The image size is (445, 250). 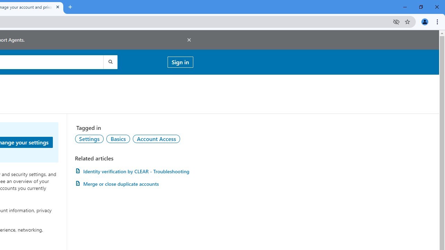 What do you see at coordinates (156, 139) in the screenshot?
I see `'Account Access'` at bounding box center [156, 139].